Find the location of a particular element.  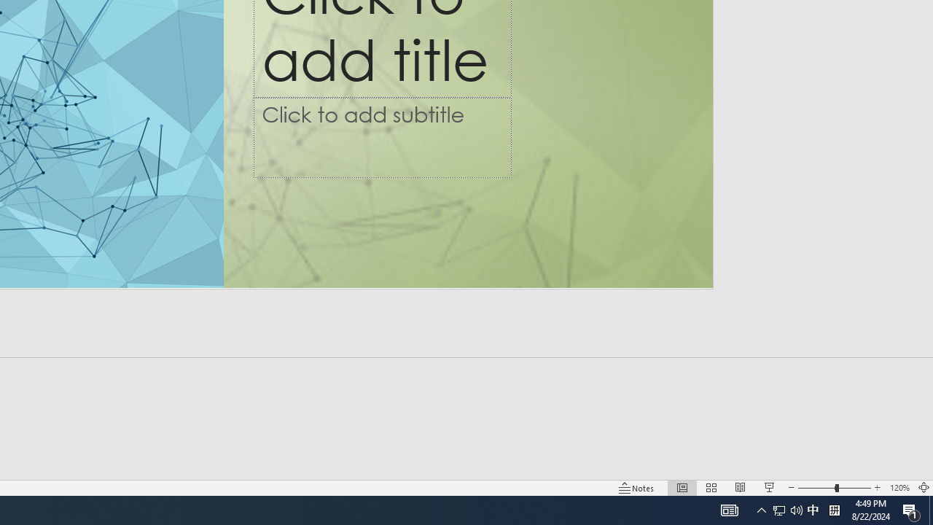

'Zoom to Fit ' is located at coordinates (923, 488).